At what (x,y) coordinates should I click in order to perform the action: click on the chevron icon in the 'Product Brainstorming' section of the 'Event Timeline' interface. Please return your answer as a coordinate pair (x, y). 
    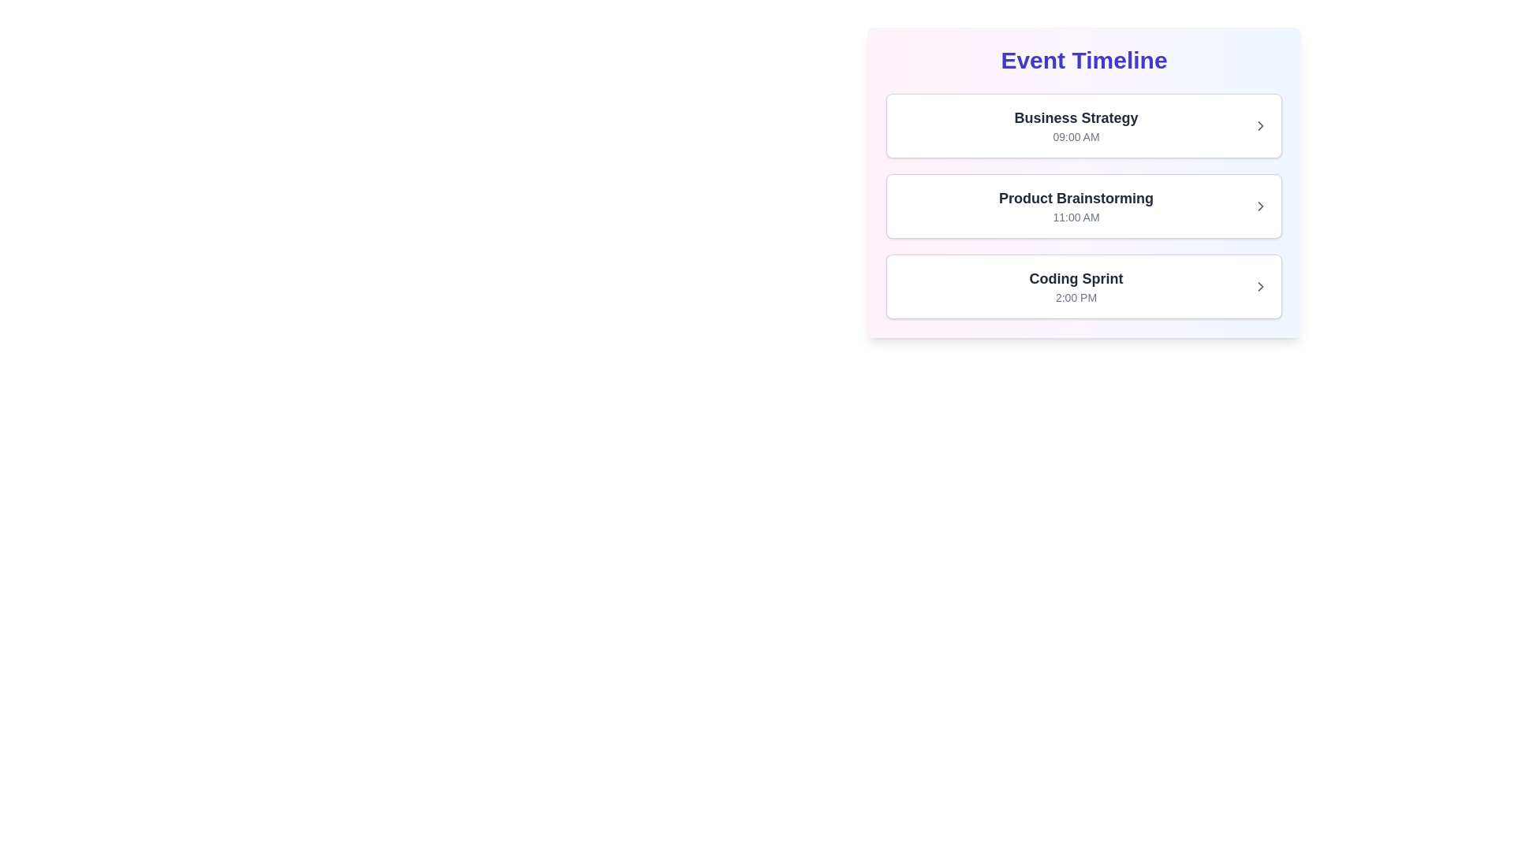
    Looking at the image, I should click on (1259, 206).